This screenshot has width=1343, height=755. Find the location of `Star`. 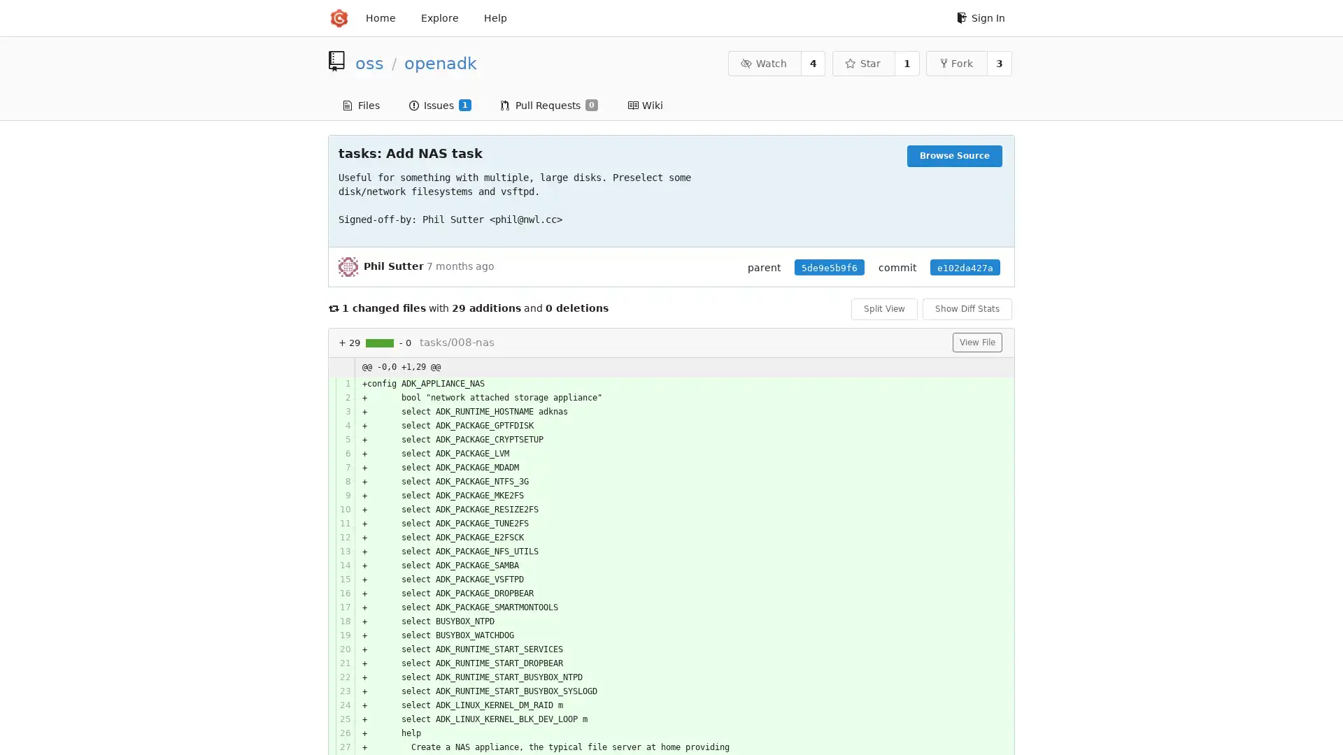

Star is located at coordinates (862, 64).